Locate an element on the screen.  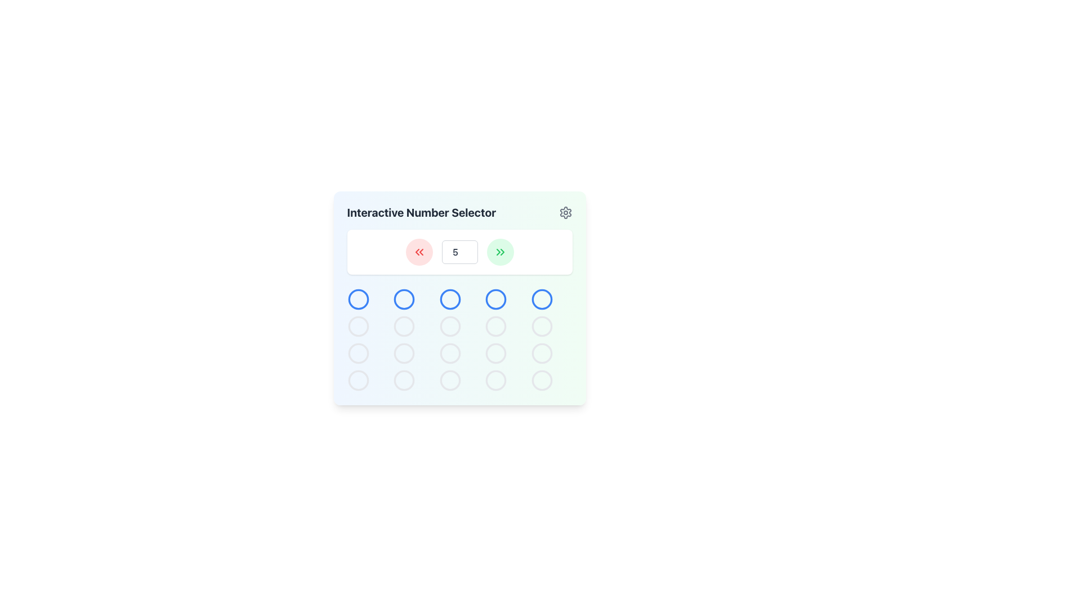
the Circle indicator icon located in the second row and first column of the grid layout, below the header segment displaying the number selector controls is located at coordinates (358, 326).